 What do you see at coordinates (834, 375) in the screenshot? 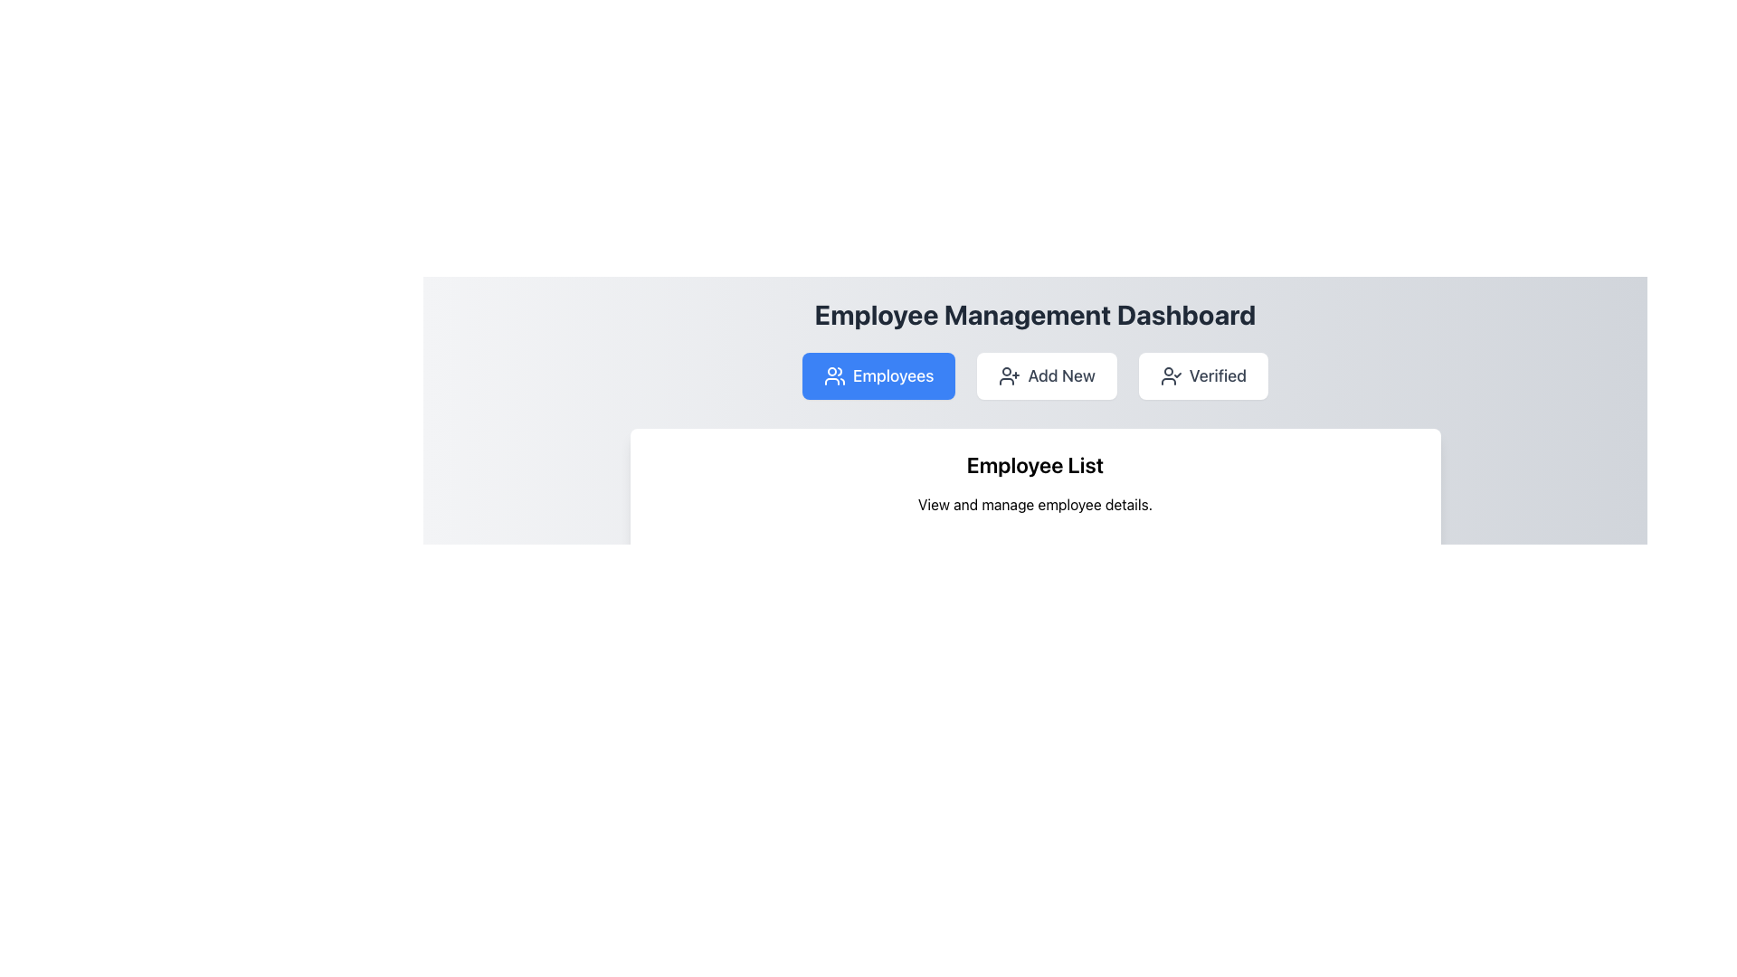
I see `the SVG icon representing a group of users located within the blue button labeled 'Employees'` at bounding box center [834, 375].